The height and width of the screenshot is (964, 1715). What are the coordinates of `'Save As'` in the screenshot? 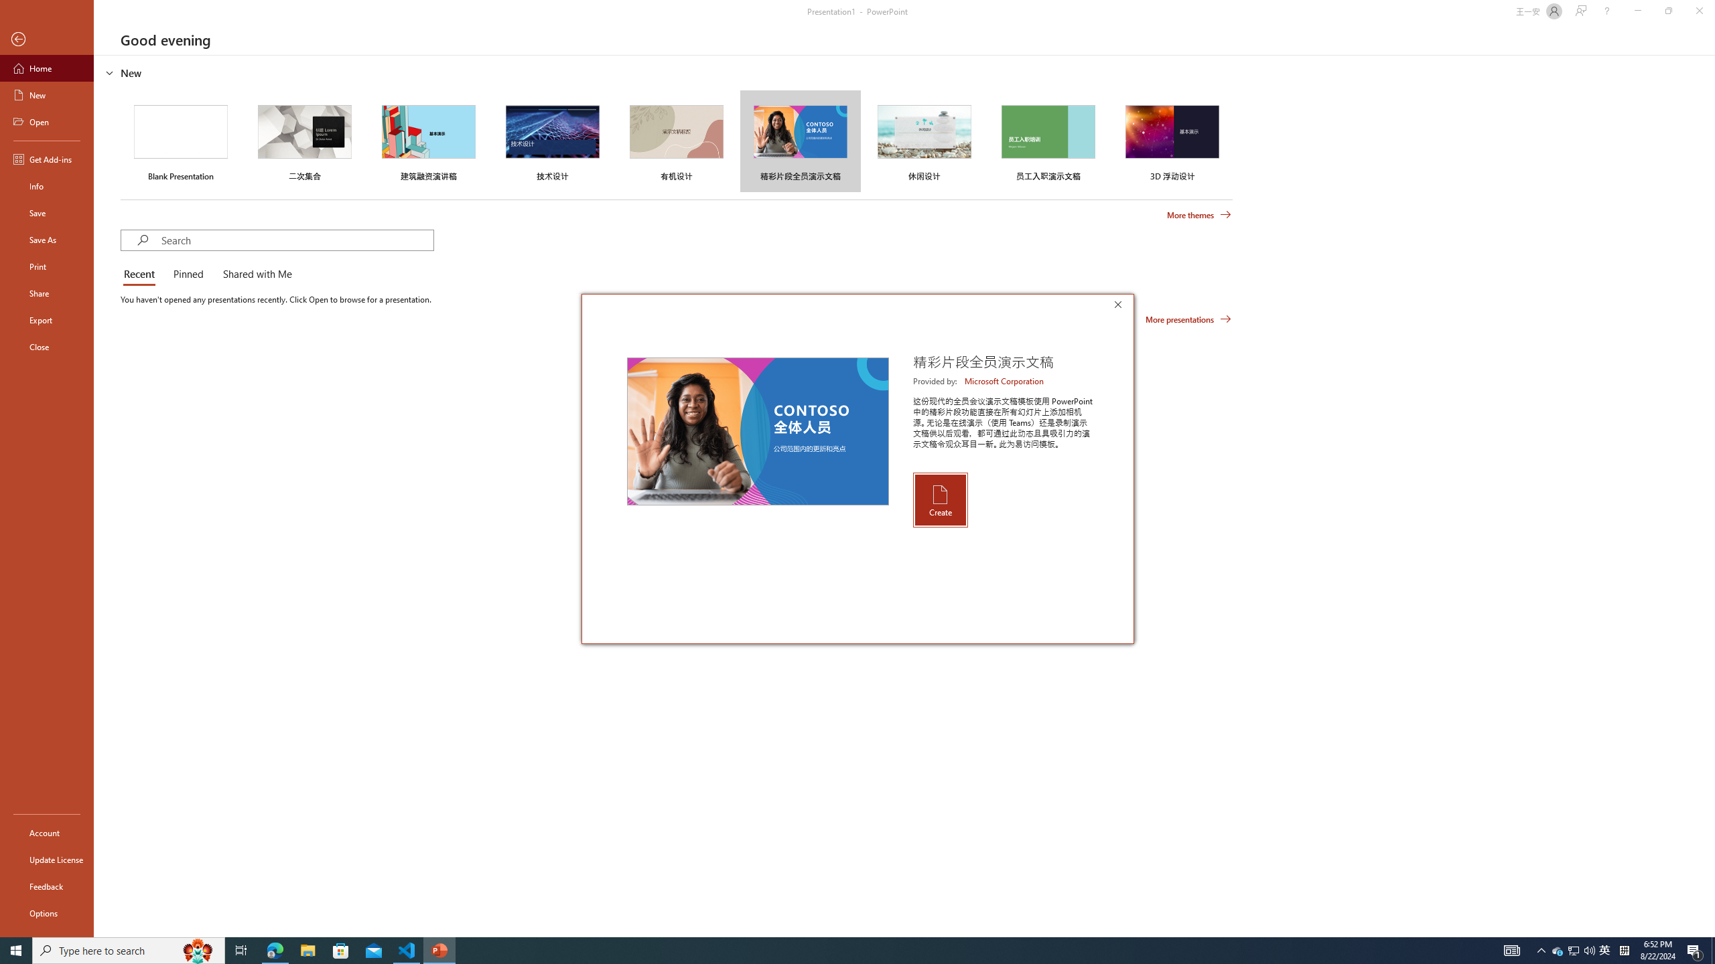 It's located at (46, 238).